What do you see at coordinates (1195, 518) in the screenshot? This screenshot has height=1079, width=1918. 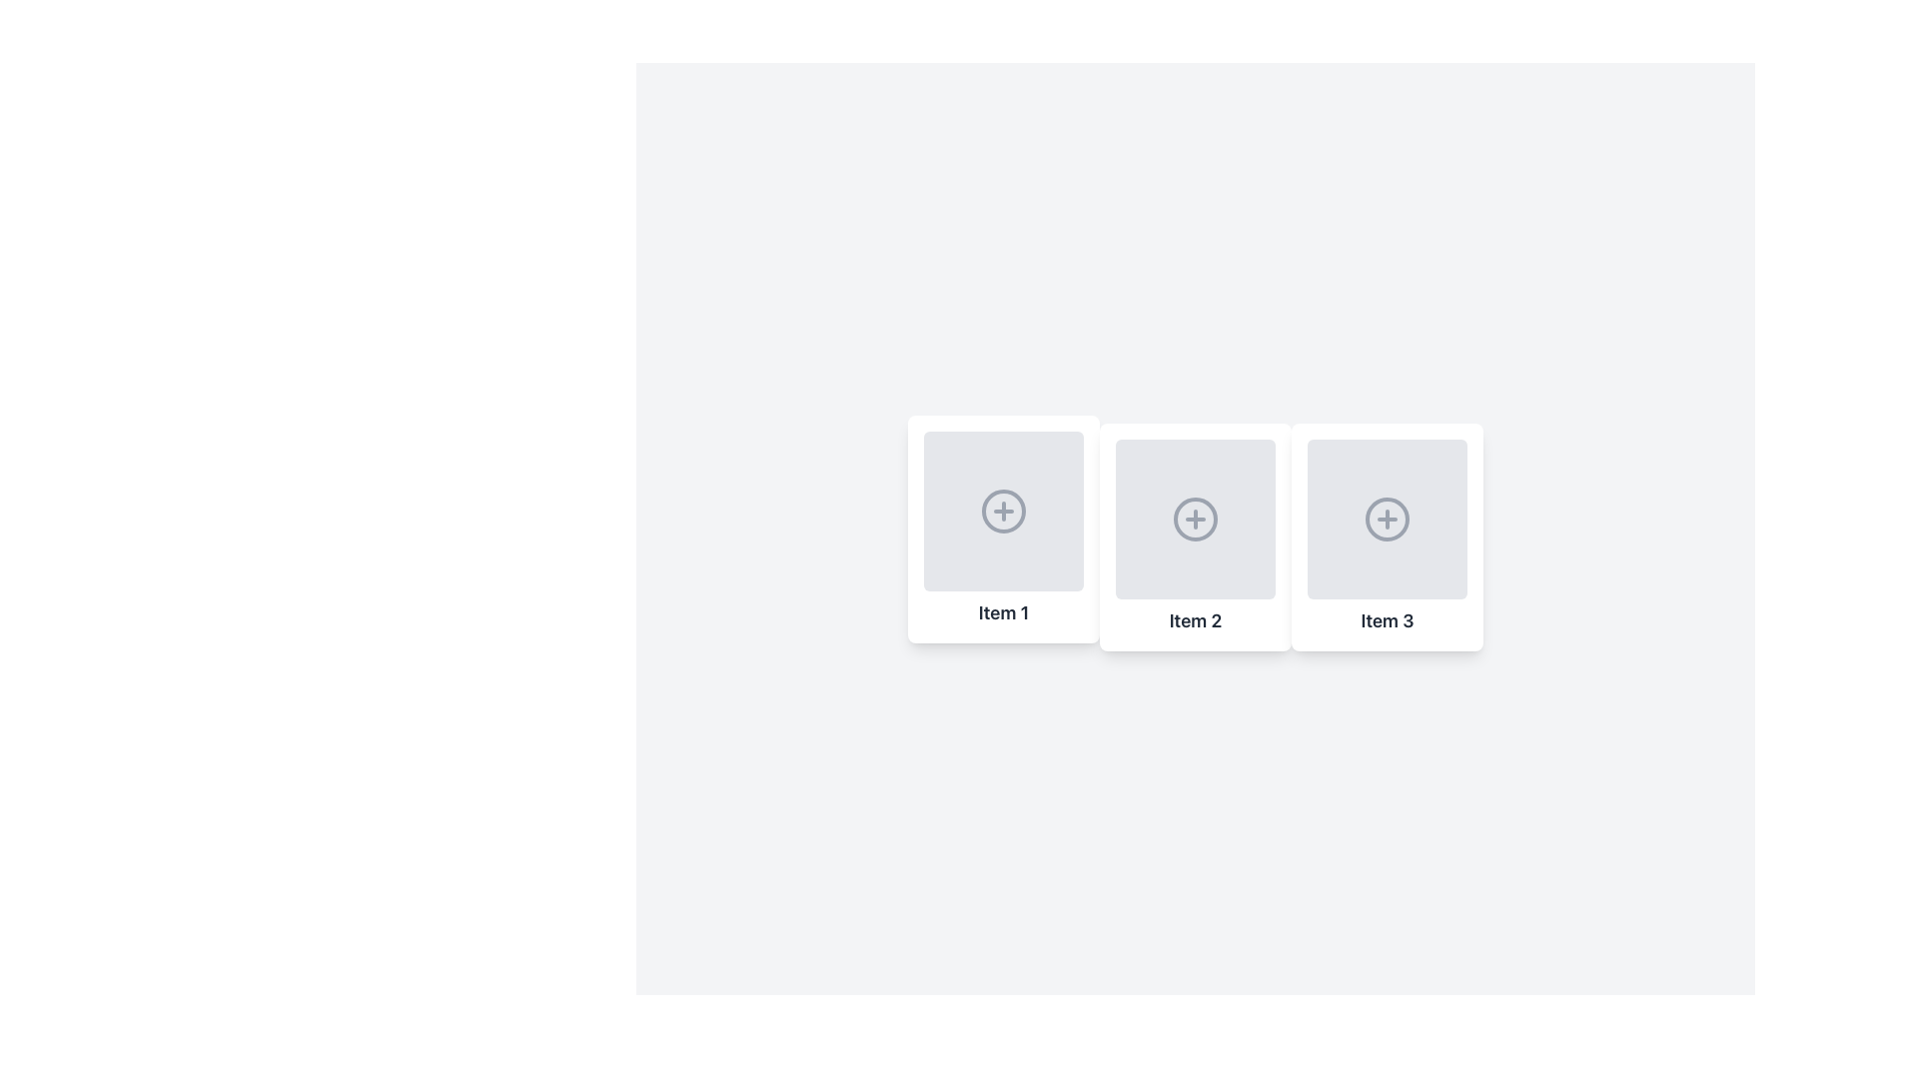 I see `the interactive add button located in the central position of the card labeled 'Item 2'` at bounding box center [1195, 518].